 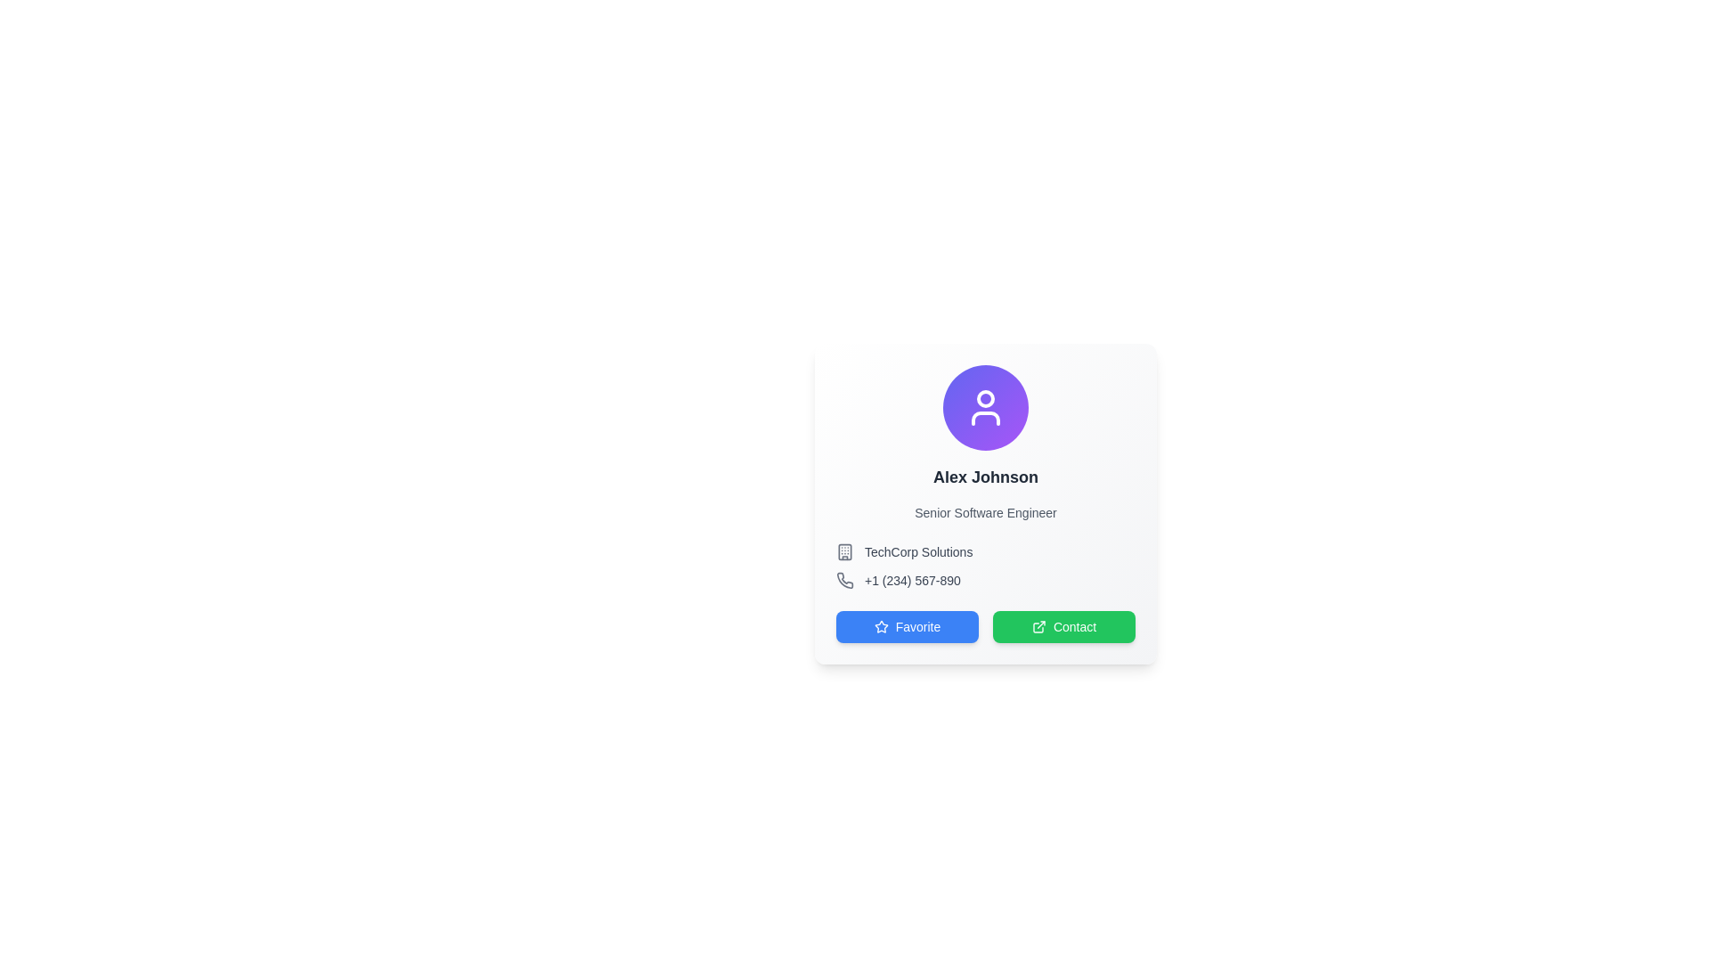 What do you see at coordinates (881, 625) in the screenshot?
I see `the star-shaped icon with a blue outline located to the left of the 'Favorite' button in the lower left section of the interface` at bounding box center [881, 625].